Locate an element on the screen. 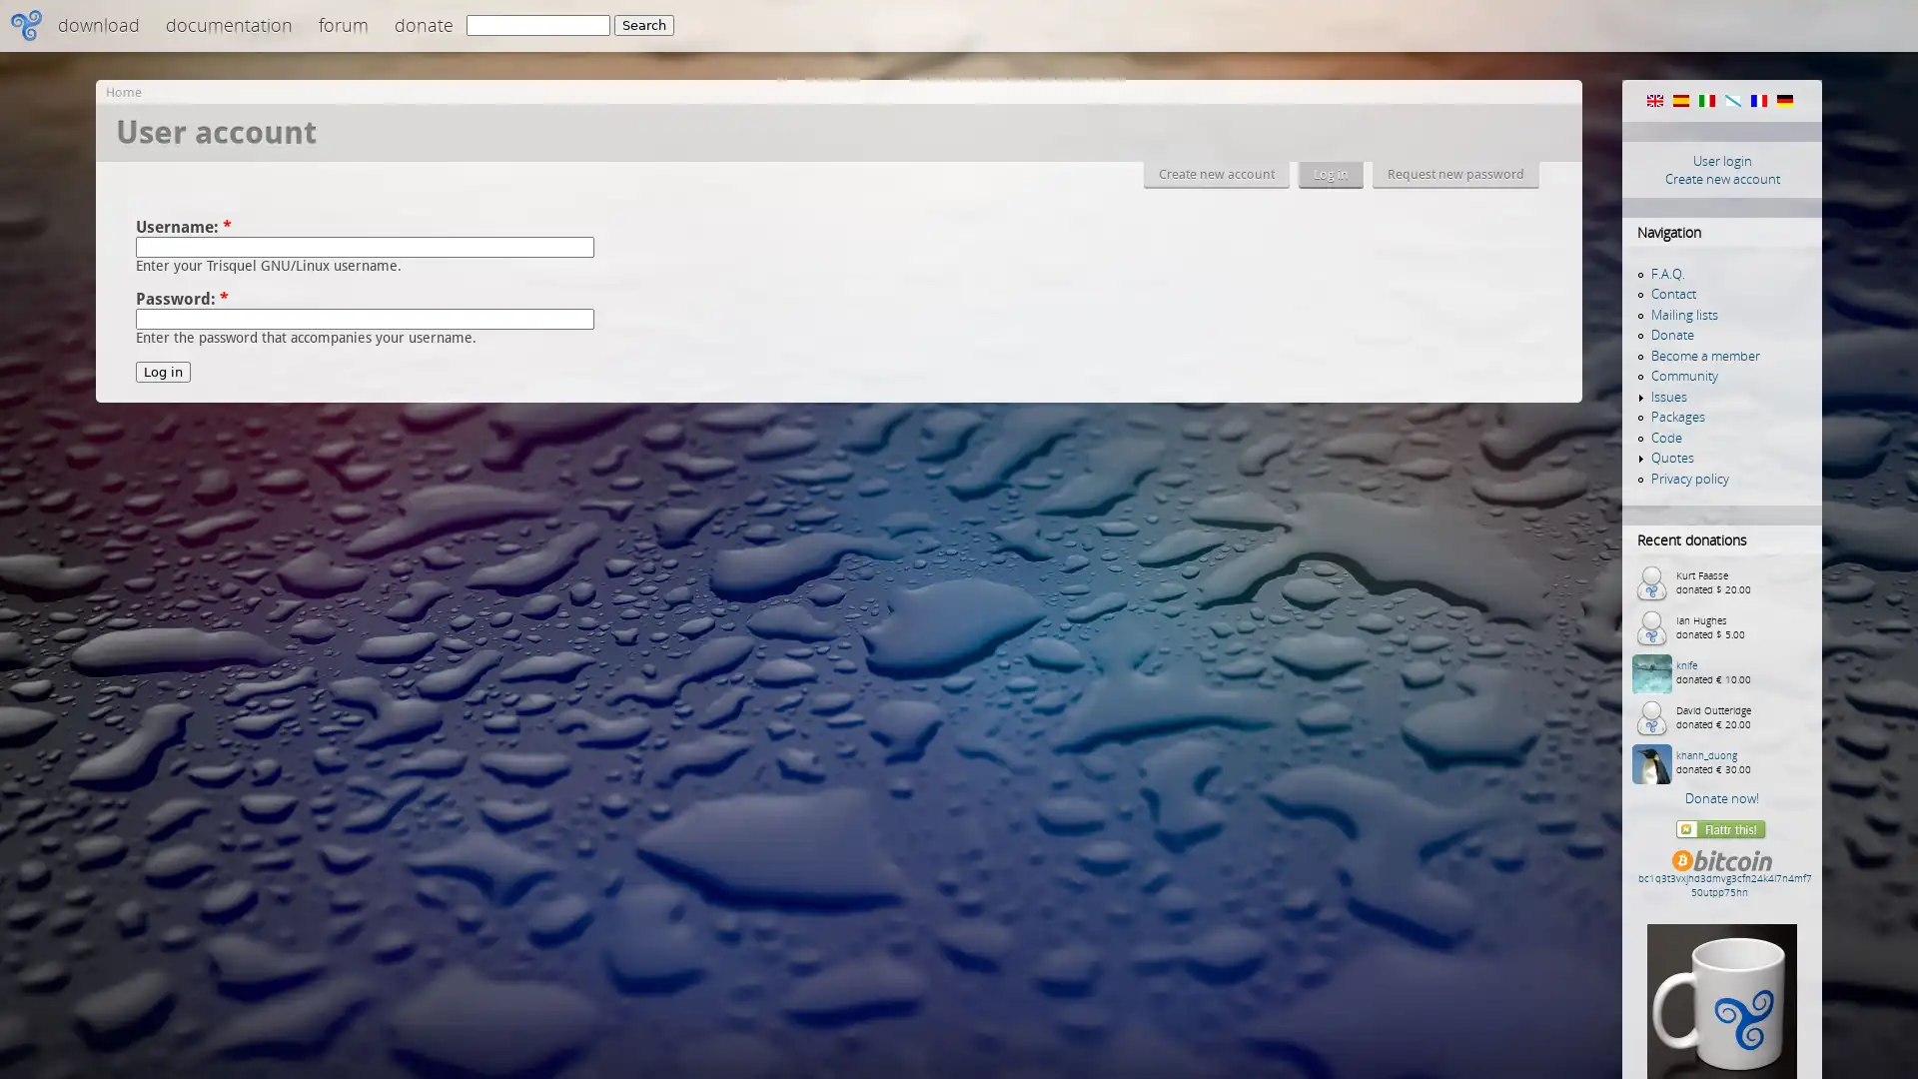 This screenshot has width=1918, height=1079. Log in is located at coordinates (163, 372).